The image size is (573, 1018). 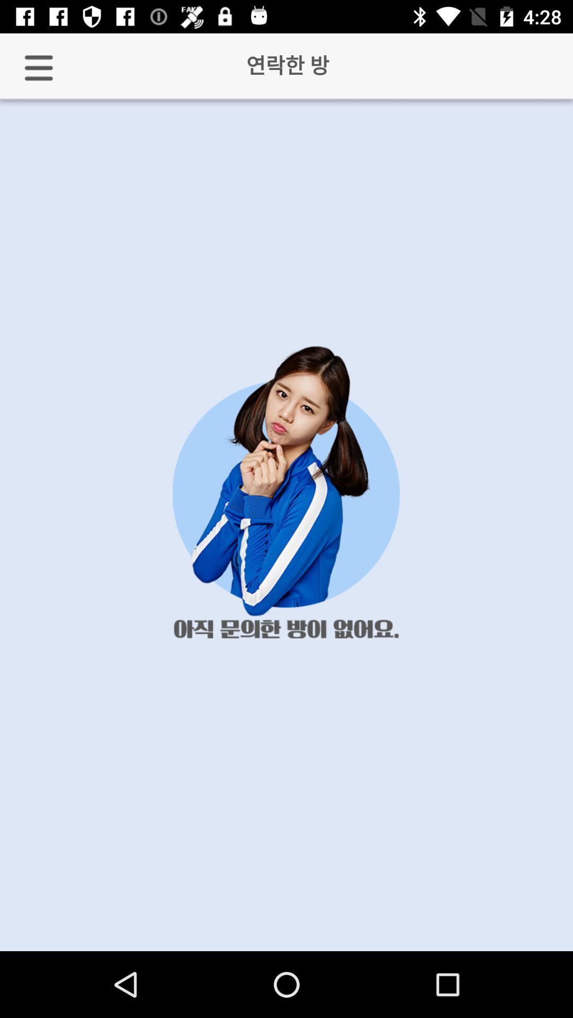 I want to click on icon at the top left corner, so click(x=38, y=67).